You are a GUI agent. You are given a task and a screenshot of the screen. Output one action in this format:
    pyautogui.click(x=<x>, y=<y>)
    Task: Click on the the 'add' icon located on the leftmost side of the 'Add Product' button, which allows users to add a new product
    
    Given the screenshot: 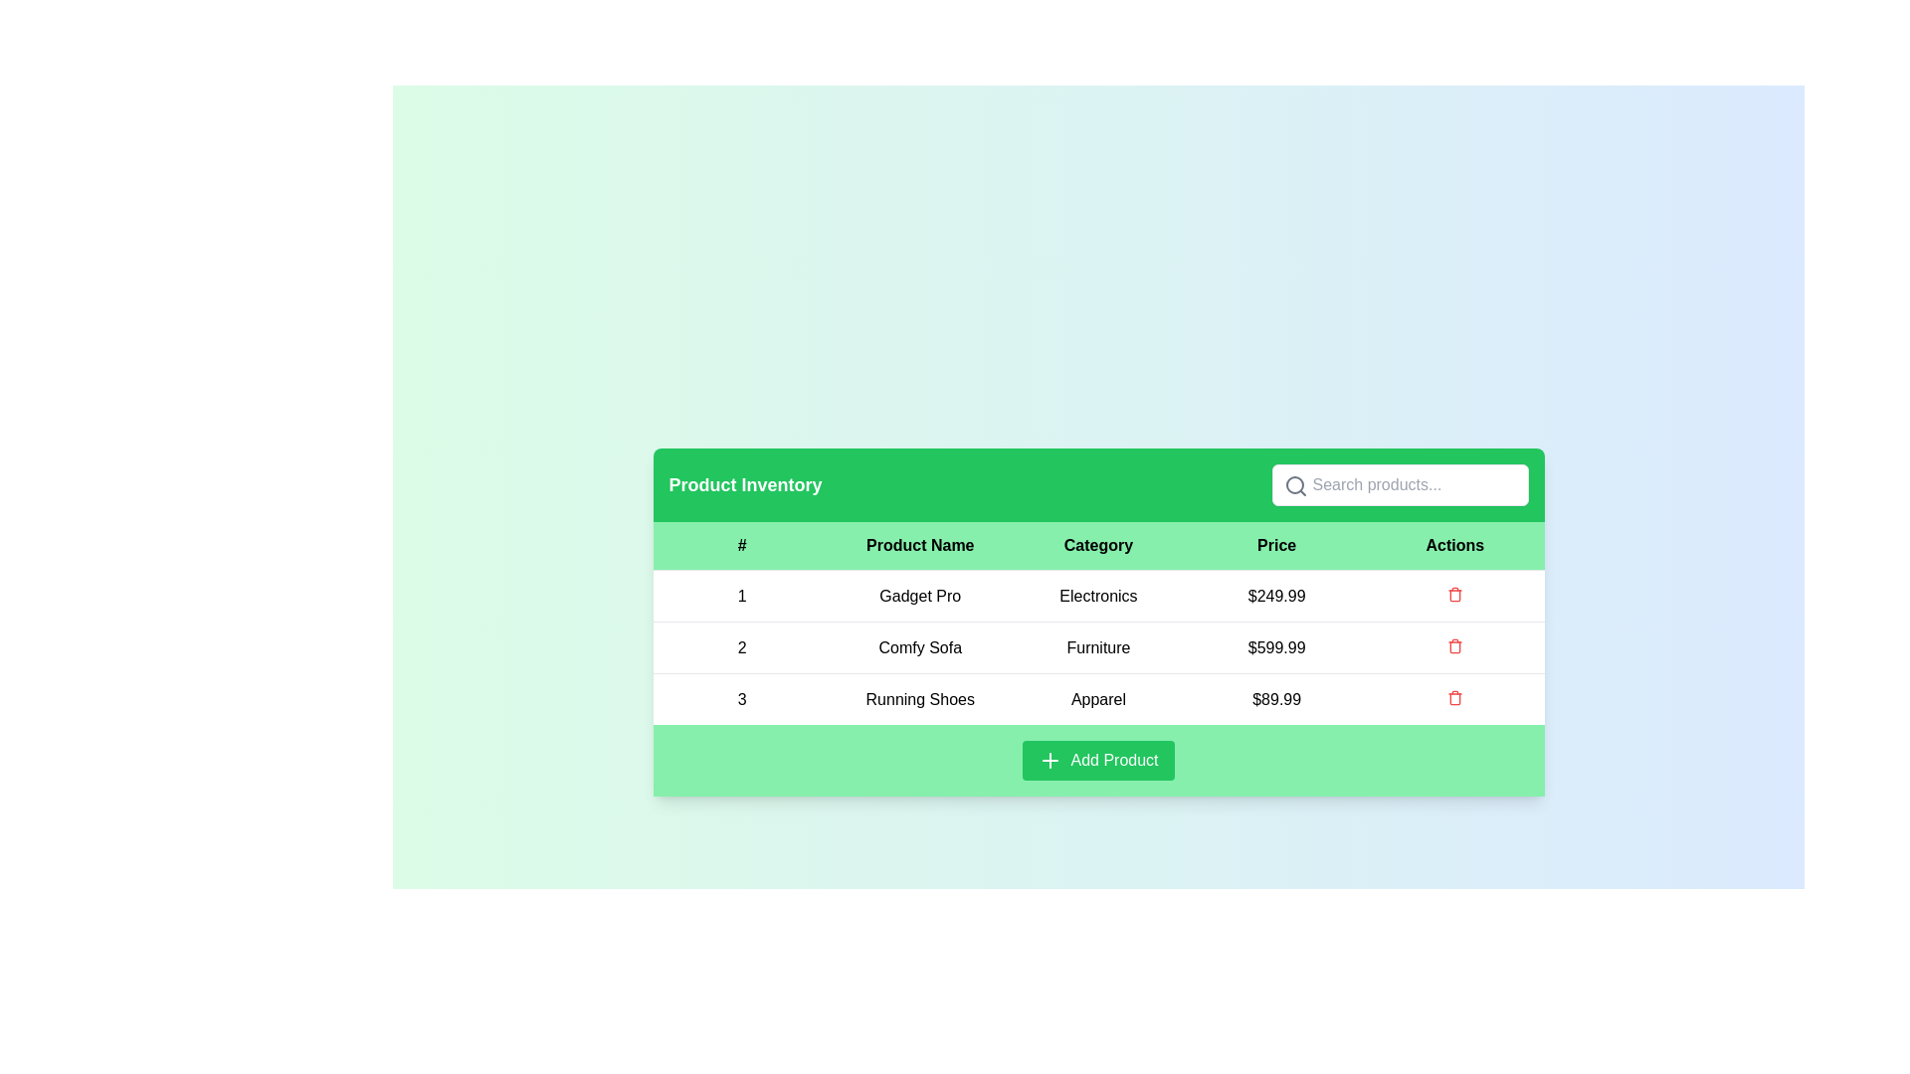 What is the action you would take?
    pyautogui.click(x=1050, y=760)
    